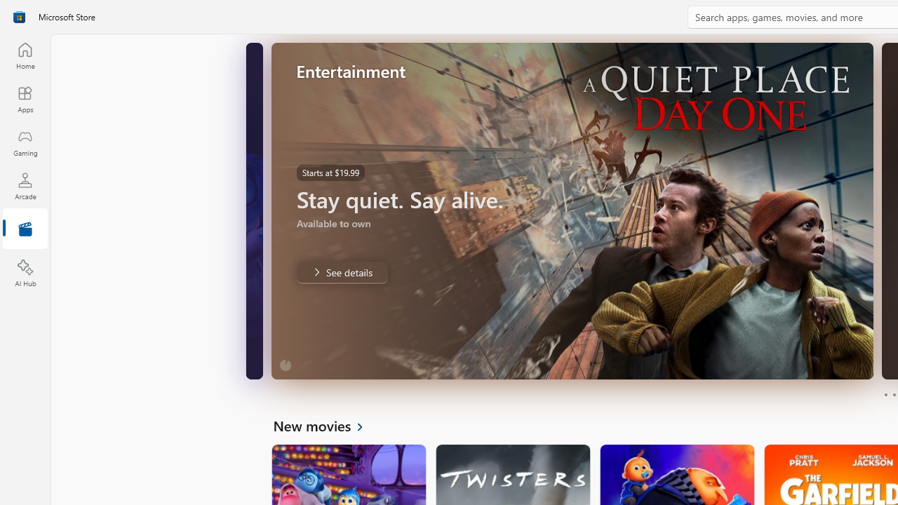  What do you see at coordinates (25, 55) in the screenshot?
I see `'Home'` at bounding box center [25, 55].